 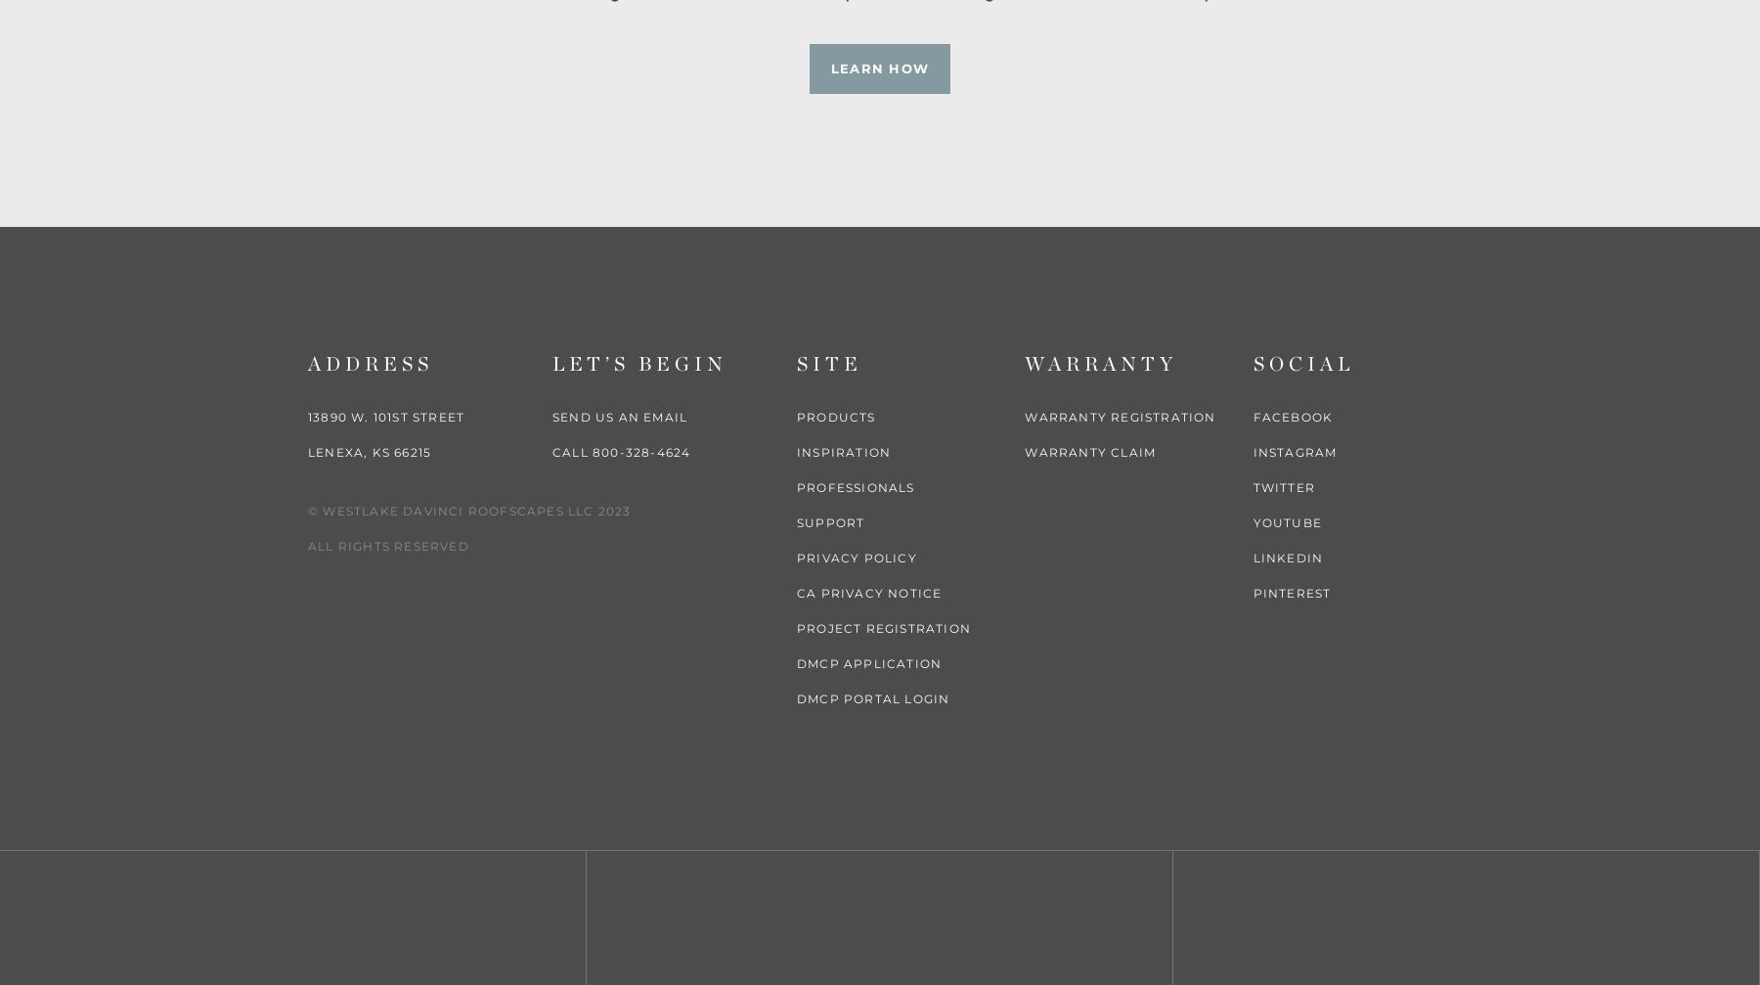 What do you see at coordinates (1089, 451) in the screenshot?
I see `'Warranty Claim'` at bounding box center [1089, 451].